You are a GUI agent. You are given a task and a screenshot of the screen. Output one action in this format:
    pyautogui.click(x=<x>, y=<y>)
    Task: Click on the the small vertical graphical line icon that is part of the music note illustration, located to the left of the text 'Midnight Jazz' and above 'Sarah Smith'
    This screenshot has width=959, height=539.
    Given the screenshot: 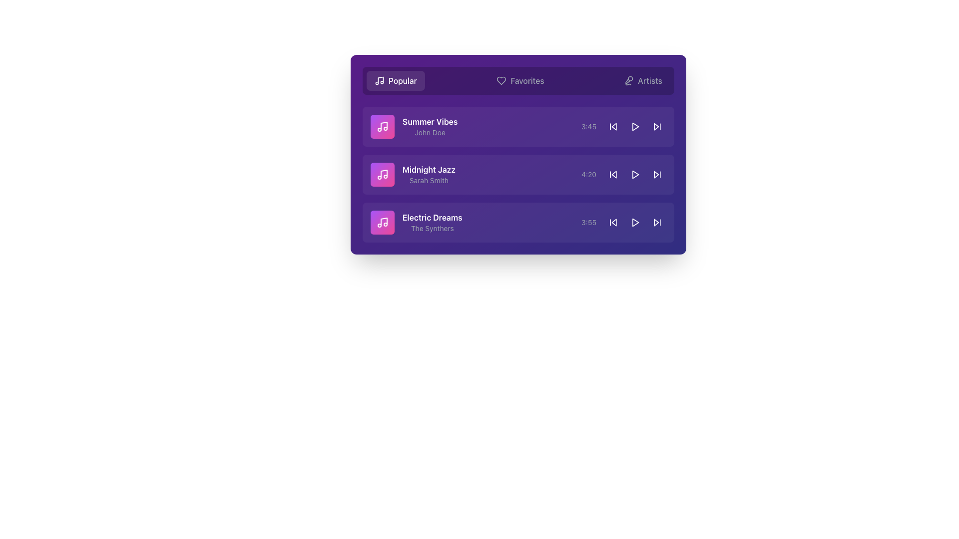 What is the action you would take?
    pyautogui.click(x=383, y=173)
    